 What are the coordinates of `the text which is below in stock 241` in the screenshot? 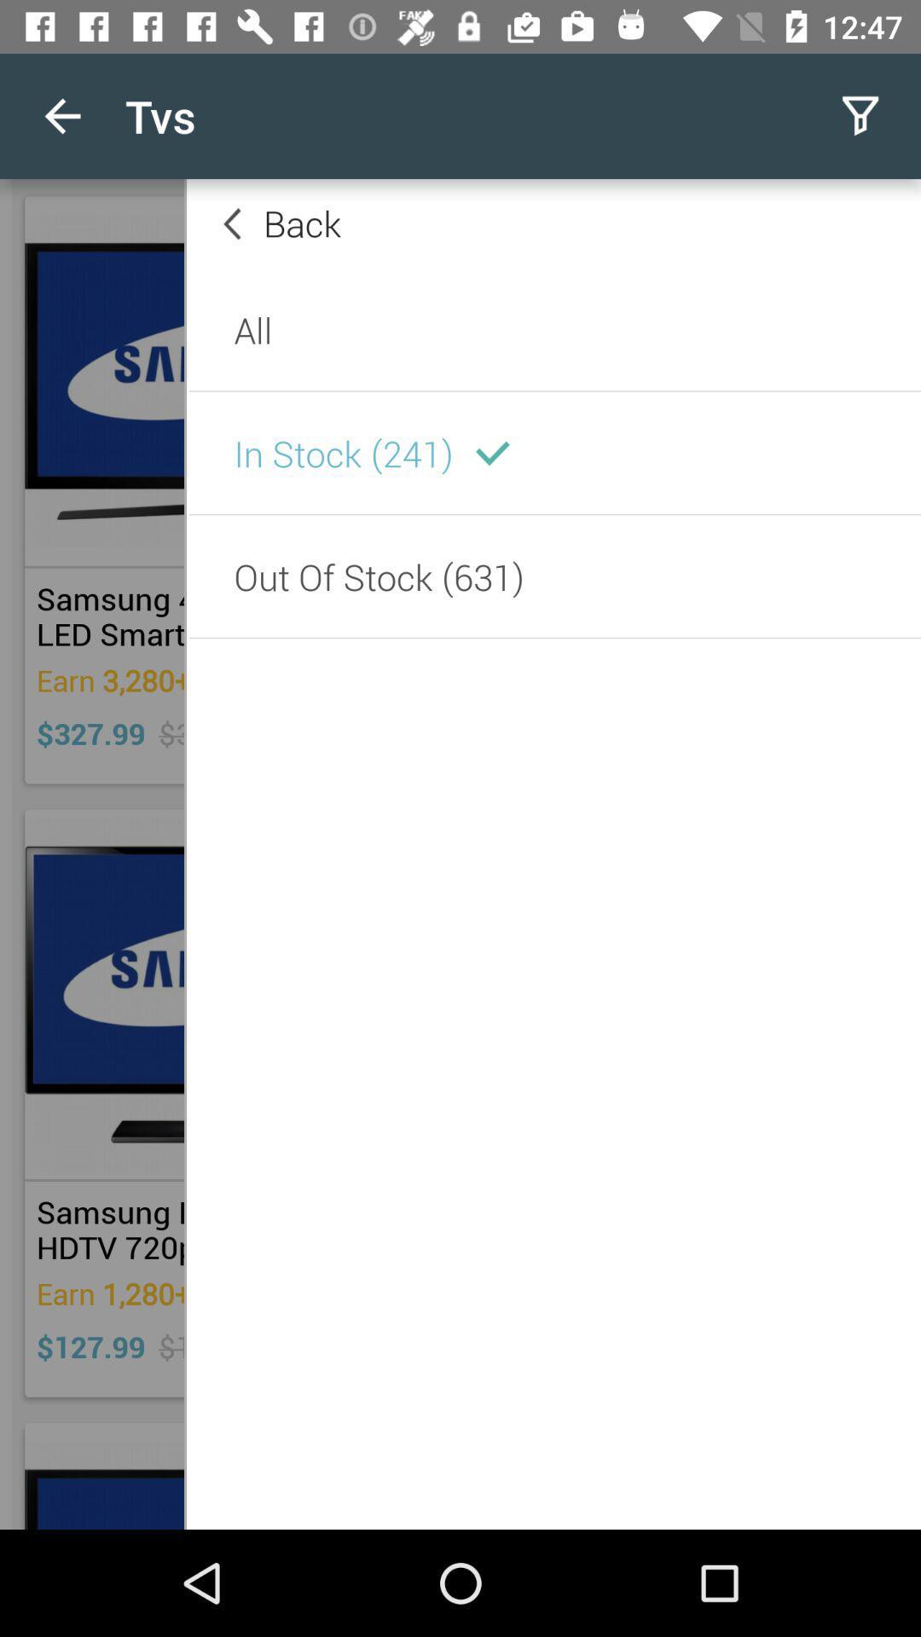 It's located at (553, 610).